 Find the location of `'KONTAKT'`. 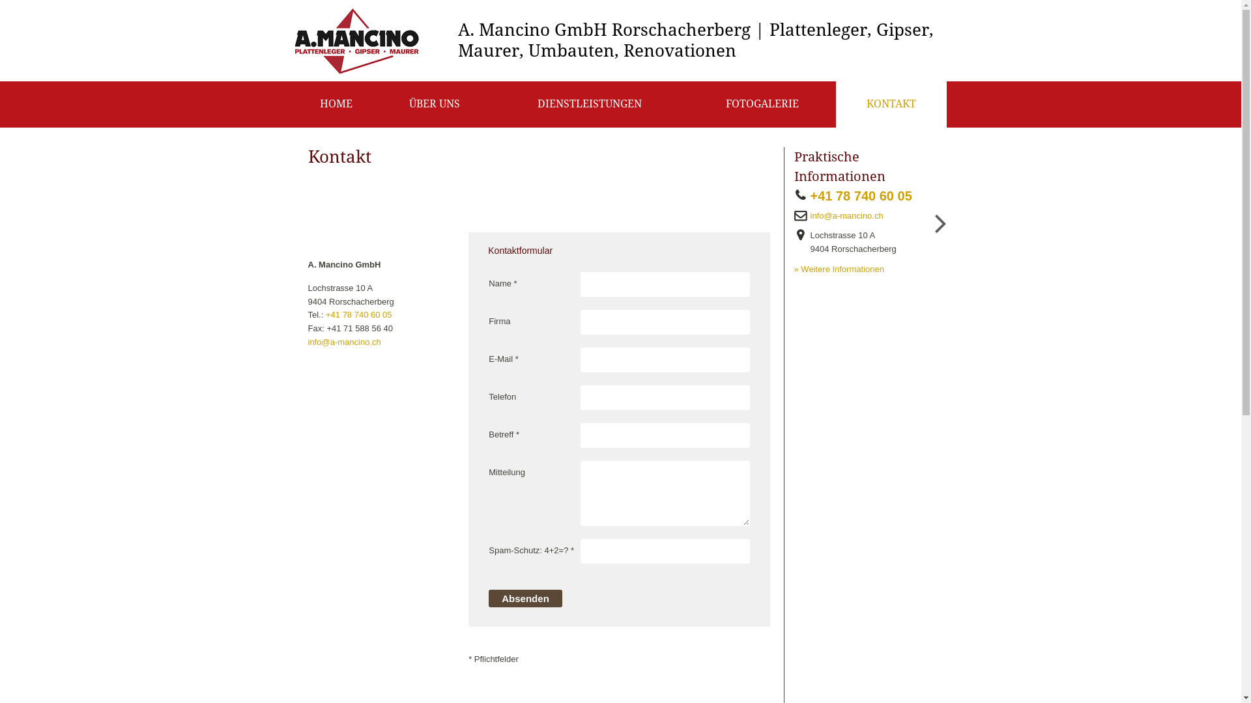

'KONTAKT' is located at coordinates (890, 103).